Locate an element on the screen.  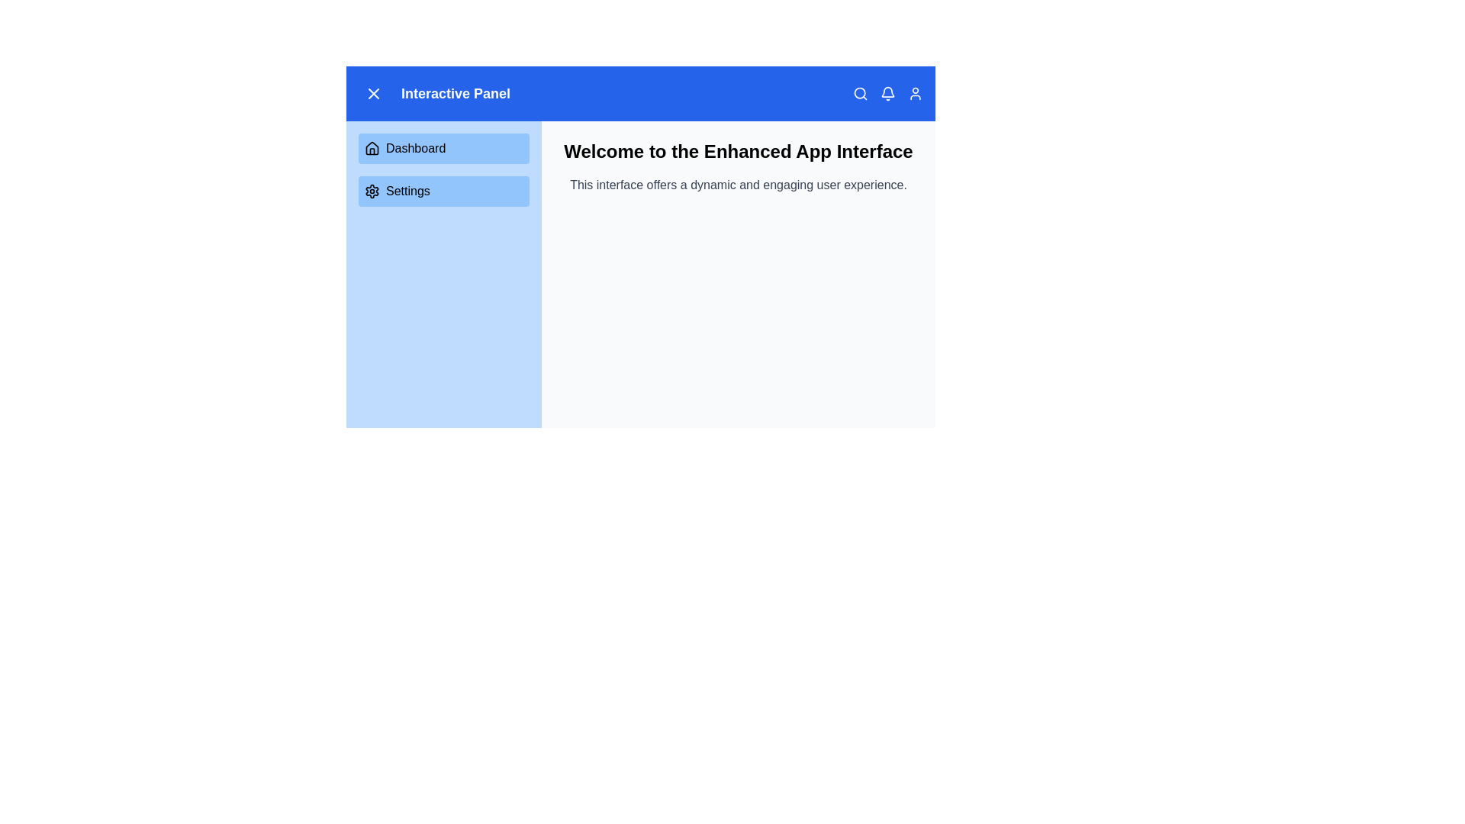
the user icon in the top-right corner of the blue navigation bar, which is styled in white against a blue background and changes color to gray on hover is located at coordinates (916, 94).